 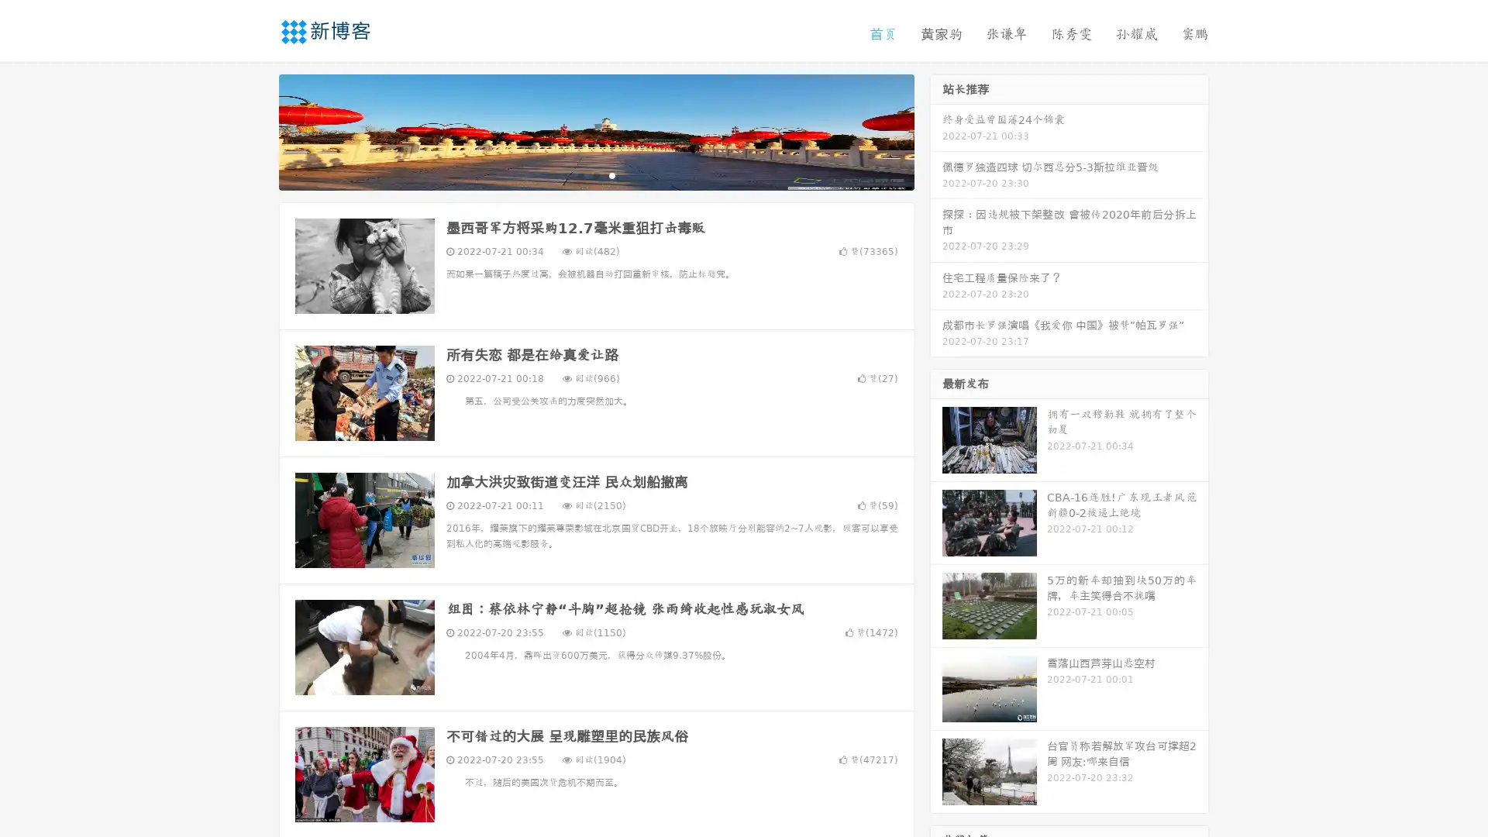 What do you see at coordinates (936, 130) in the screenshot?
I see `Next slide` at bounding box center [936, 130].